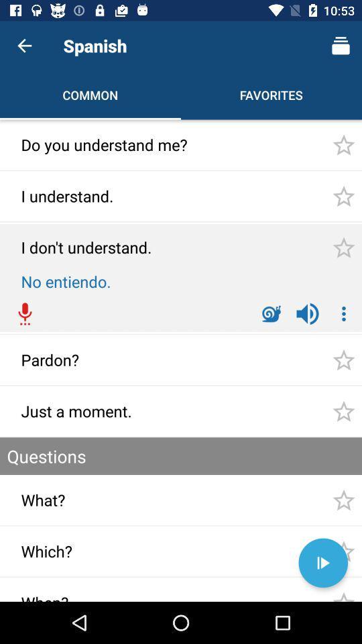 The image size is (362, 644). I want to click on the more options icon which is on the right side of volume icon, so click(344, 314).